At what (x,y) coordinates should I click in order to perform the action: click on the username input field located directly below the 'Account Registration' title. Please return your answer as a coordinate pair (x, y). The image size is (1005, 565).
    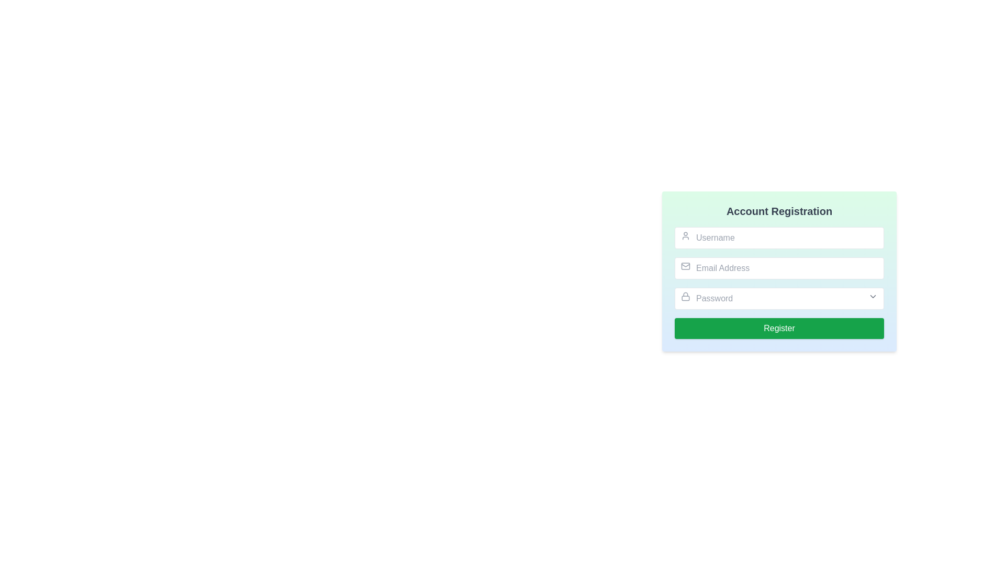
    Looking at the image, I should click on (779, 238).